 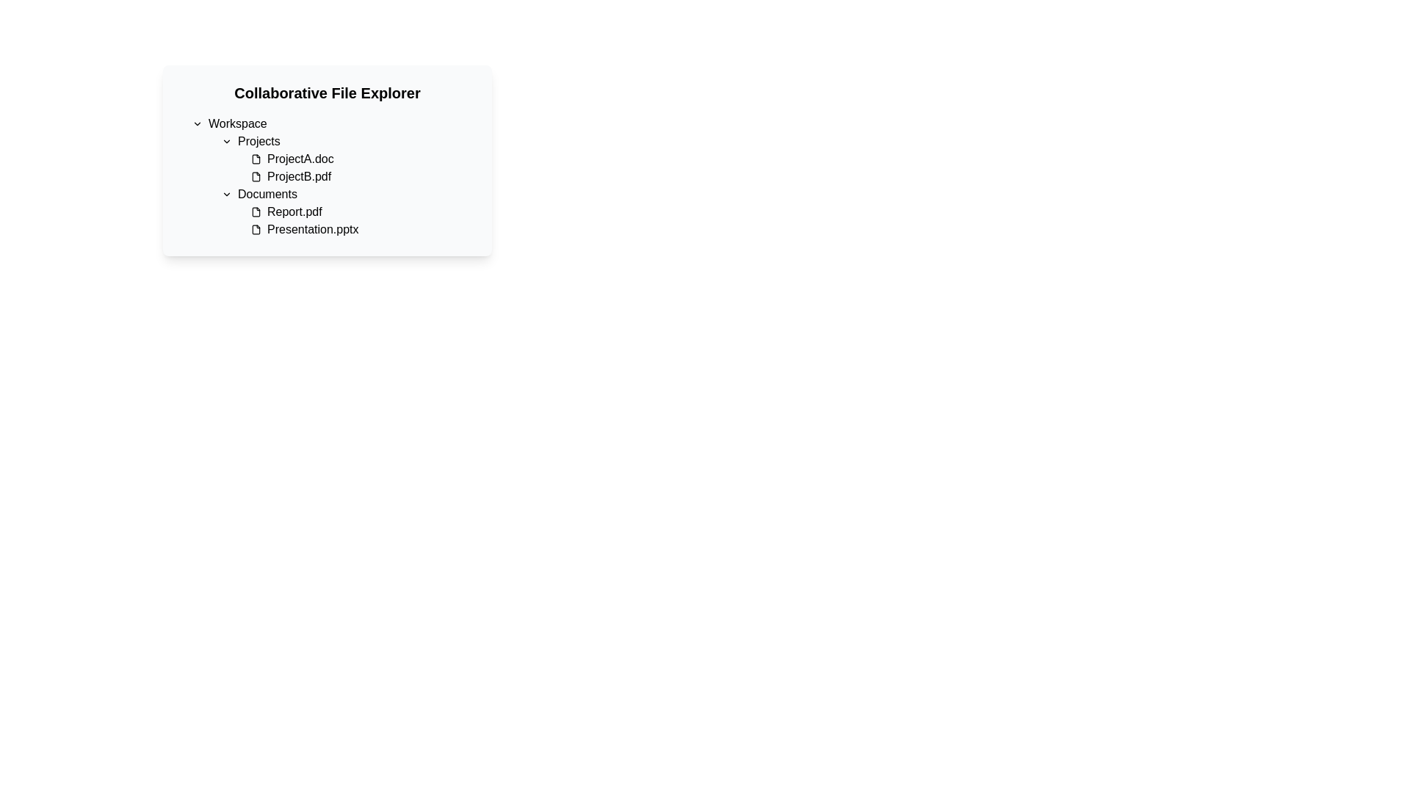 I want to click on the filename 'ProjectA.doc' in the Projects section of the file explorer, so click(x=356, y=167).